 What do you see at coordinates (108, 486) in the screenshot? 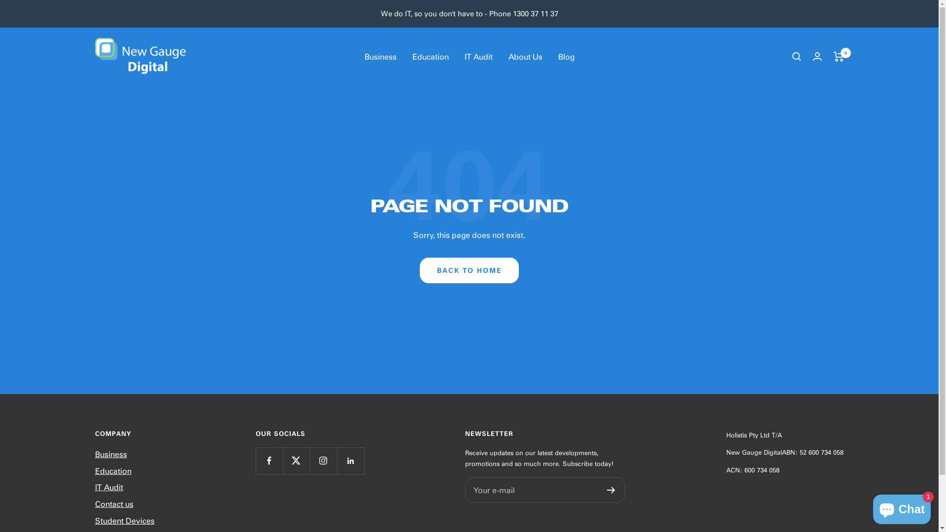
I see `'IT Audit'` at bounding box center [108, 486].